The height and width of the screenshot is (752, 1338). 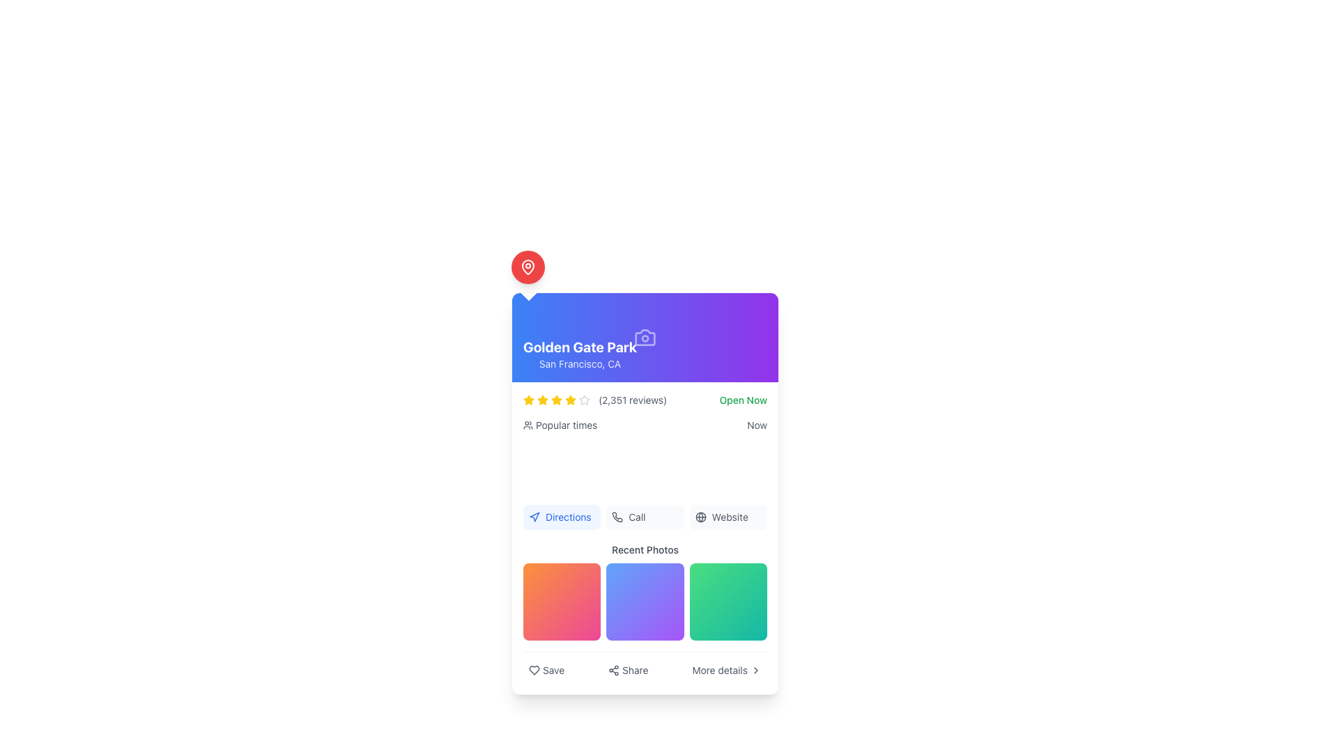 What do you see at coordinates (562, 517) in the screenshot?
I see `the 'Directions' button, which is a rectangular button with a blue navigation arrow icon on the left, located in the middle-left section of a three-column grid layout` at bounding box center [562, 517].